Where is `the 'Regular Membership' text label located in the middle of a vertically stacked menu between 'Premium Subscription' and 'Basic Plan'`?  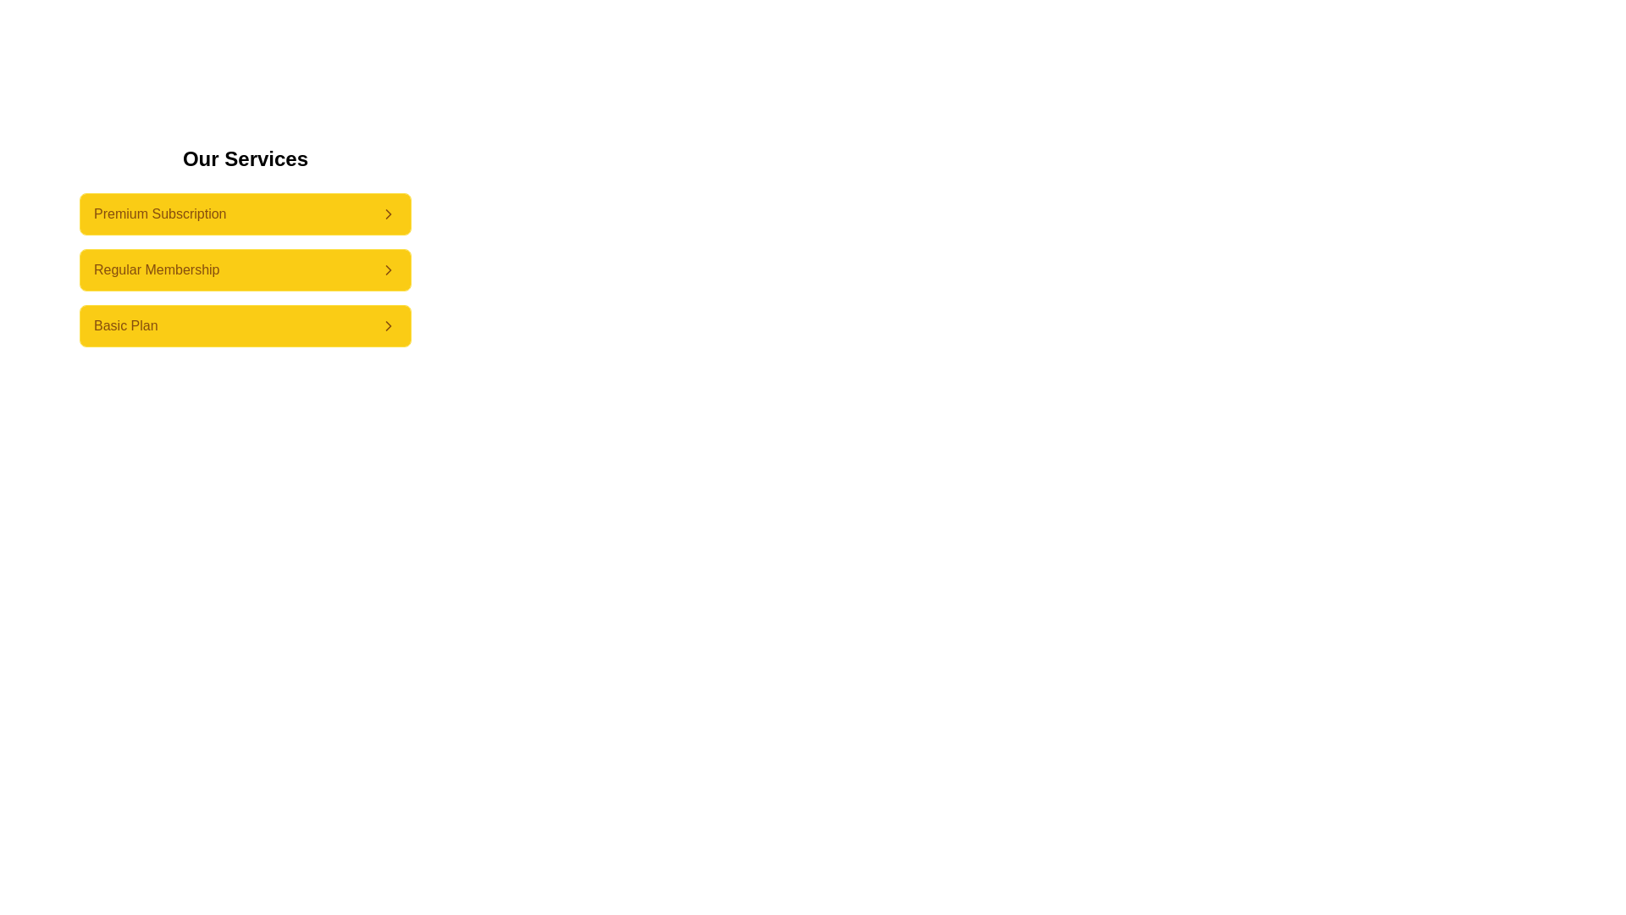 the 'Regular Membership' text label located in the middle of a vertically stacked menu between 'Premium Subscription' and 'Basic Plan' is located at coordinates (157, 269).